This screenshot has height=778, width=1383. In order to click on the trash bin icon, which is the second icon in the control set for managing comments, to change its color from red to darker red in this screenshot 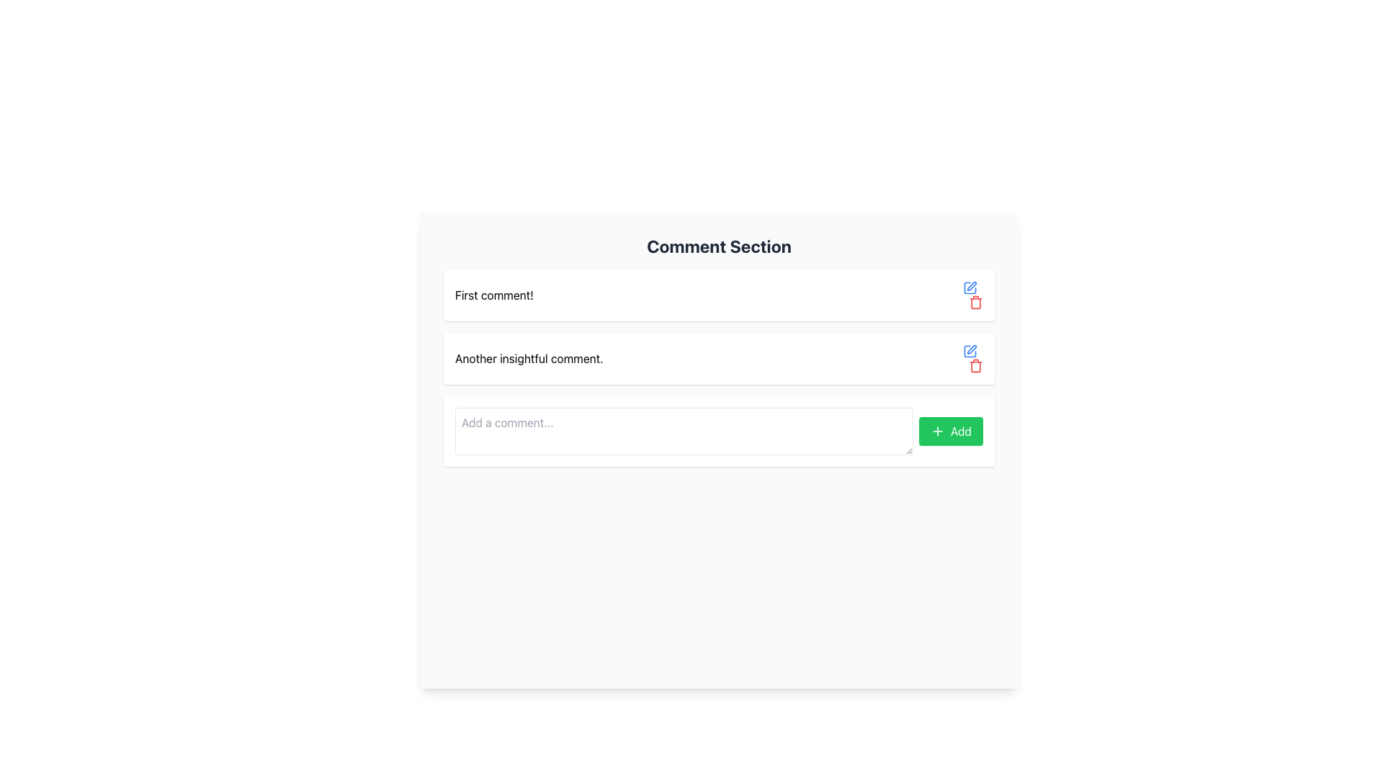, I will do `click(975, 302)`.